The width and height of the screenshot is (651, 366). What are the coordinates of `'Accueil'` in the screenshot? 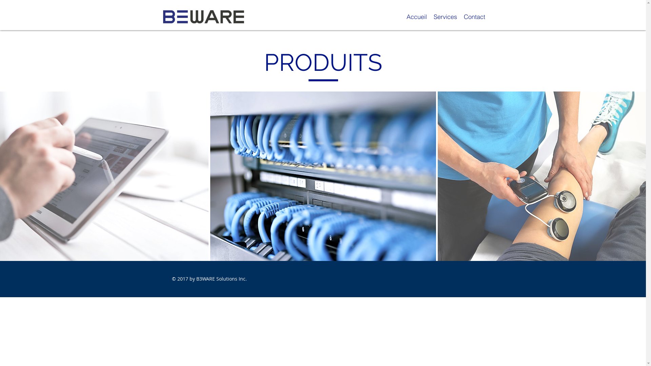 It's located at (403, 16).